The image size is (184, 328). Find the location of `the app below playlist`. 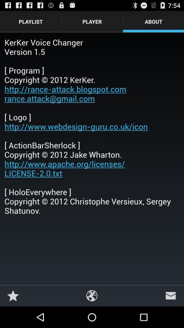

the app below playlist is located at coordinates (92, 126).